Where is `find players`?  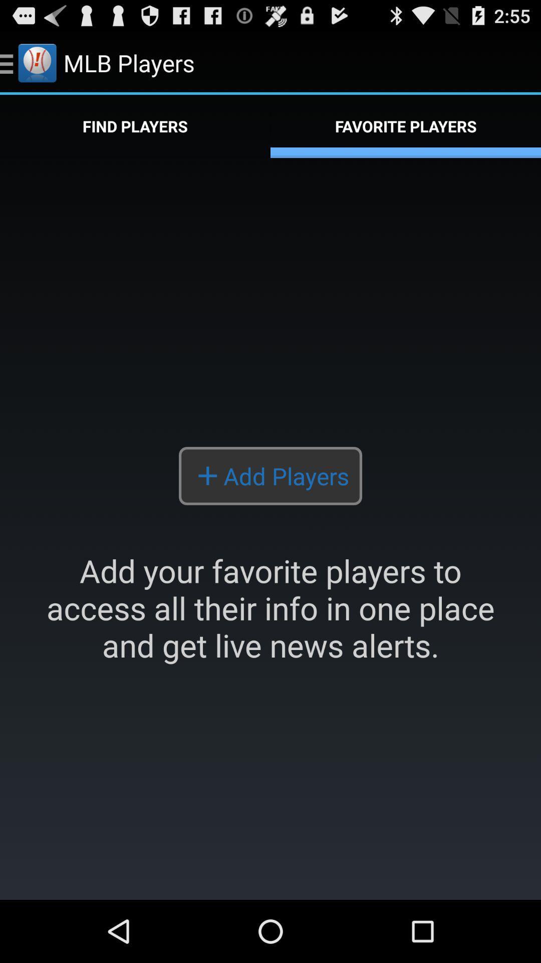
find players is located at coordinates (135, 126).